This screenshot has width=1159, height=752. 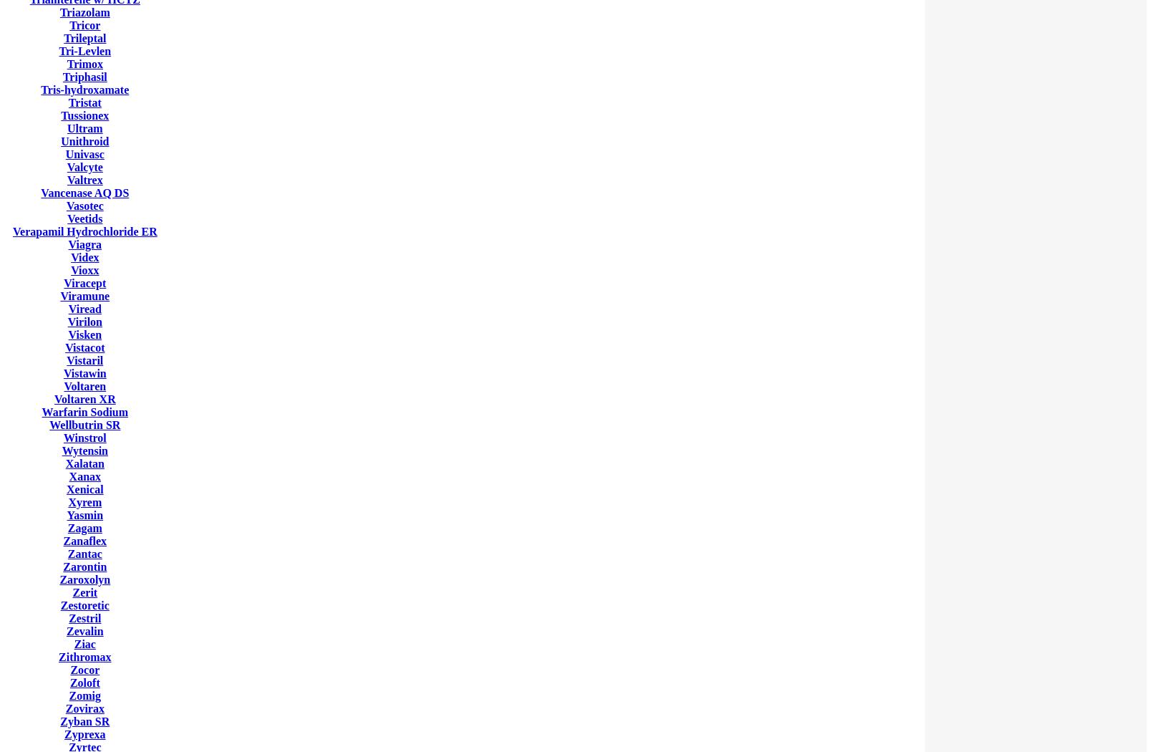 What do you see at coordinates (84, 270) in the screenshot?
I see `'Vioxx'` at bounding box center [84, 270].